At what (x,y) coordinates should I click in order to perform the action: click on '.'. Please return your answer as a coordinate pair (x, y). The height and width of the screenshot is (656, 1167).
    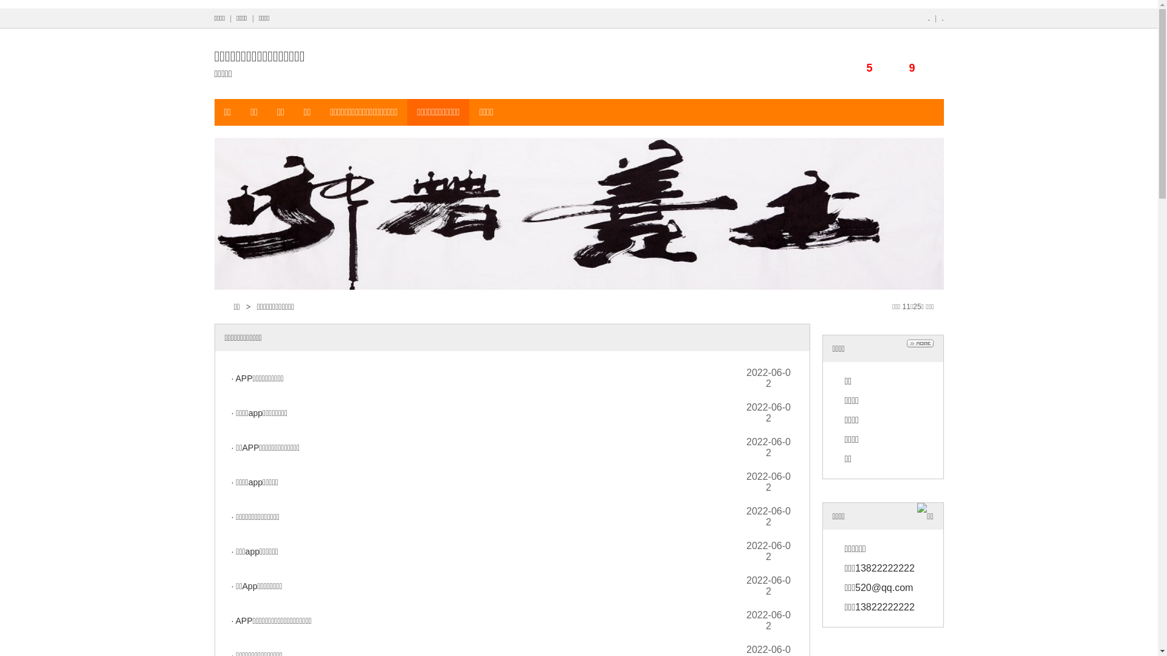
    Looking at the image, I should click on (928, 18).